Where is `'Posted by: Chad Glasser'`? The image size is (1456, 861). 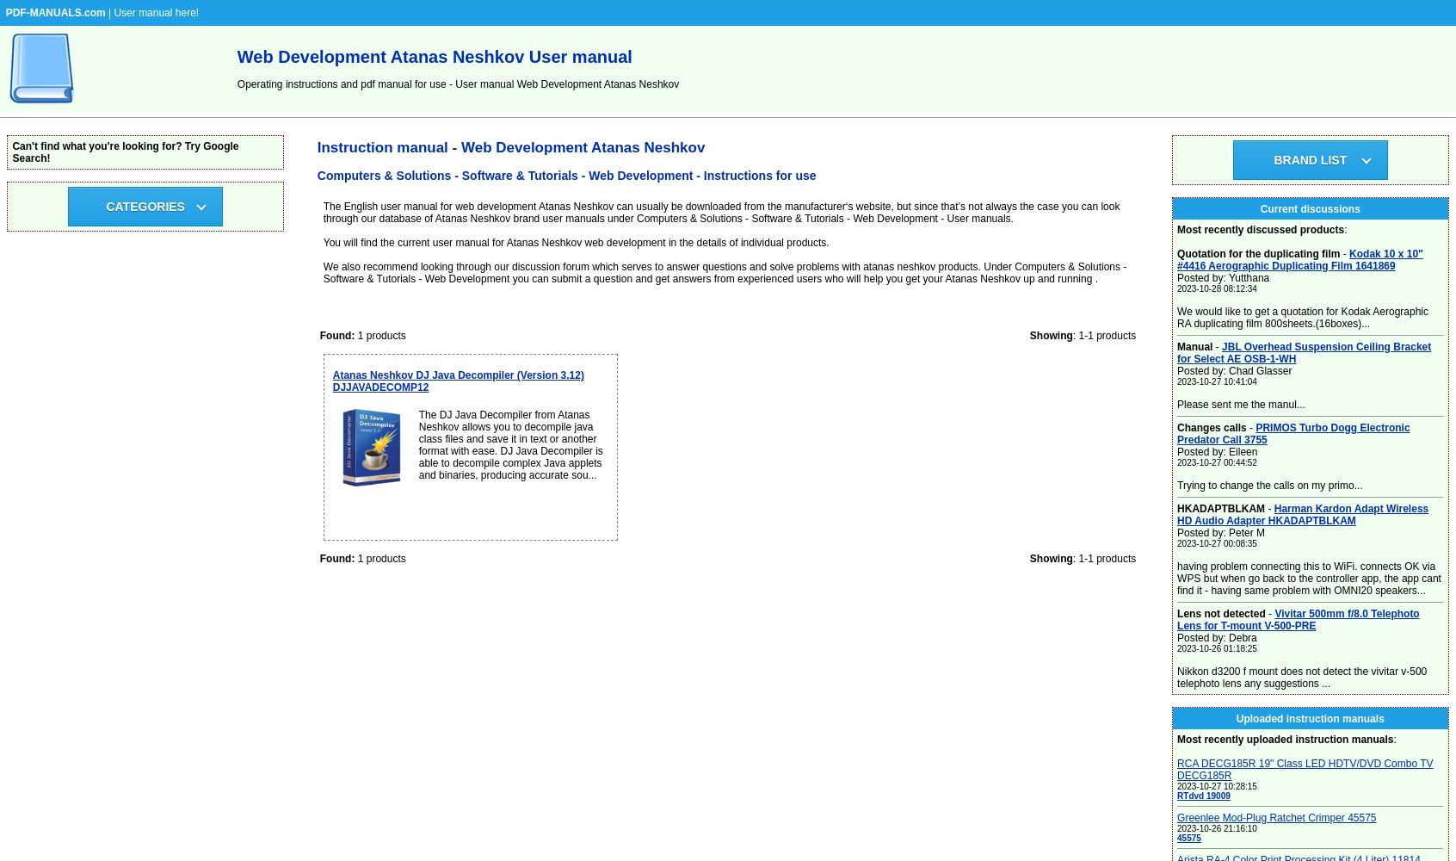
'Posted by: Chad Glasser' is located at coordinates (1176, 371).